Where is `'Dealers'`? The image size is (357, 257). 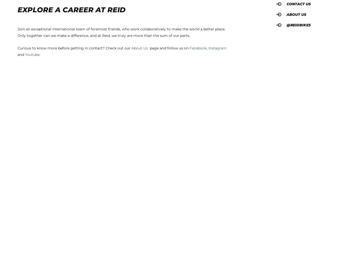 'Dealers' is located at coordinates (141, 110).